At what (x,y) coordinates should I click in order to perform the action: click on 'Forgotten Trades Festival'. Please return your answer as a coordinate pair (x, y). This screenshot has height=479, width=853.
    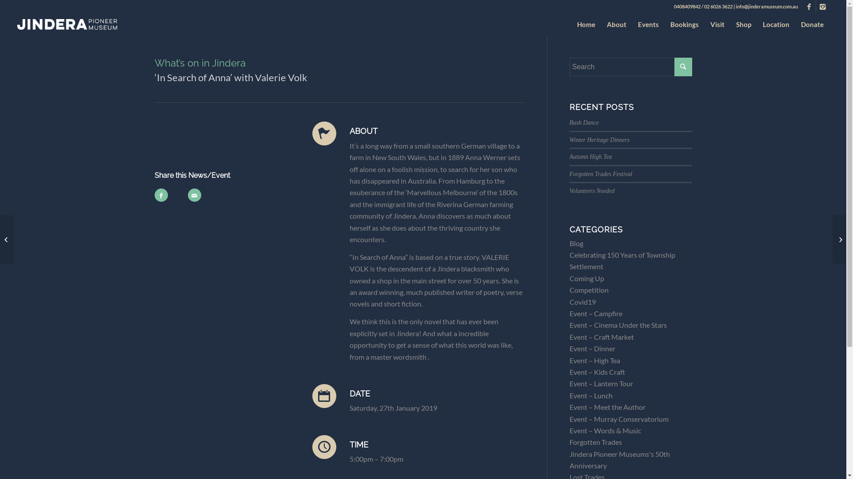
    Looking at the image, I should click on (601, 174).